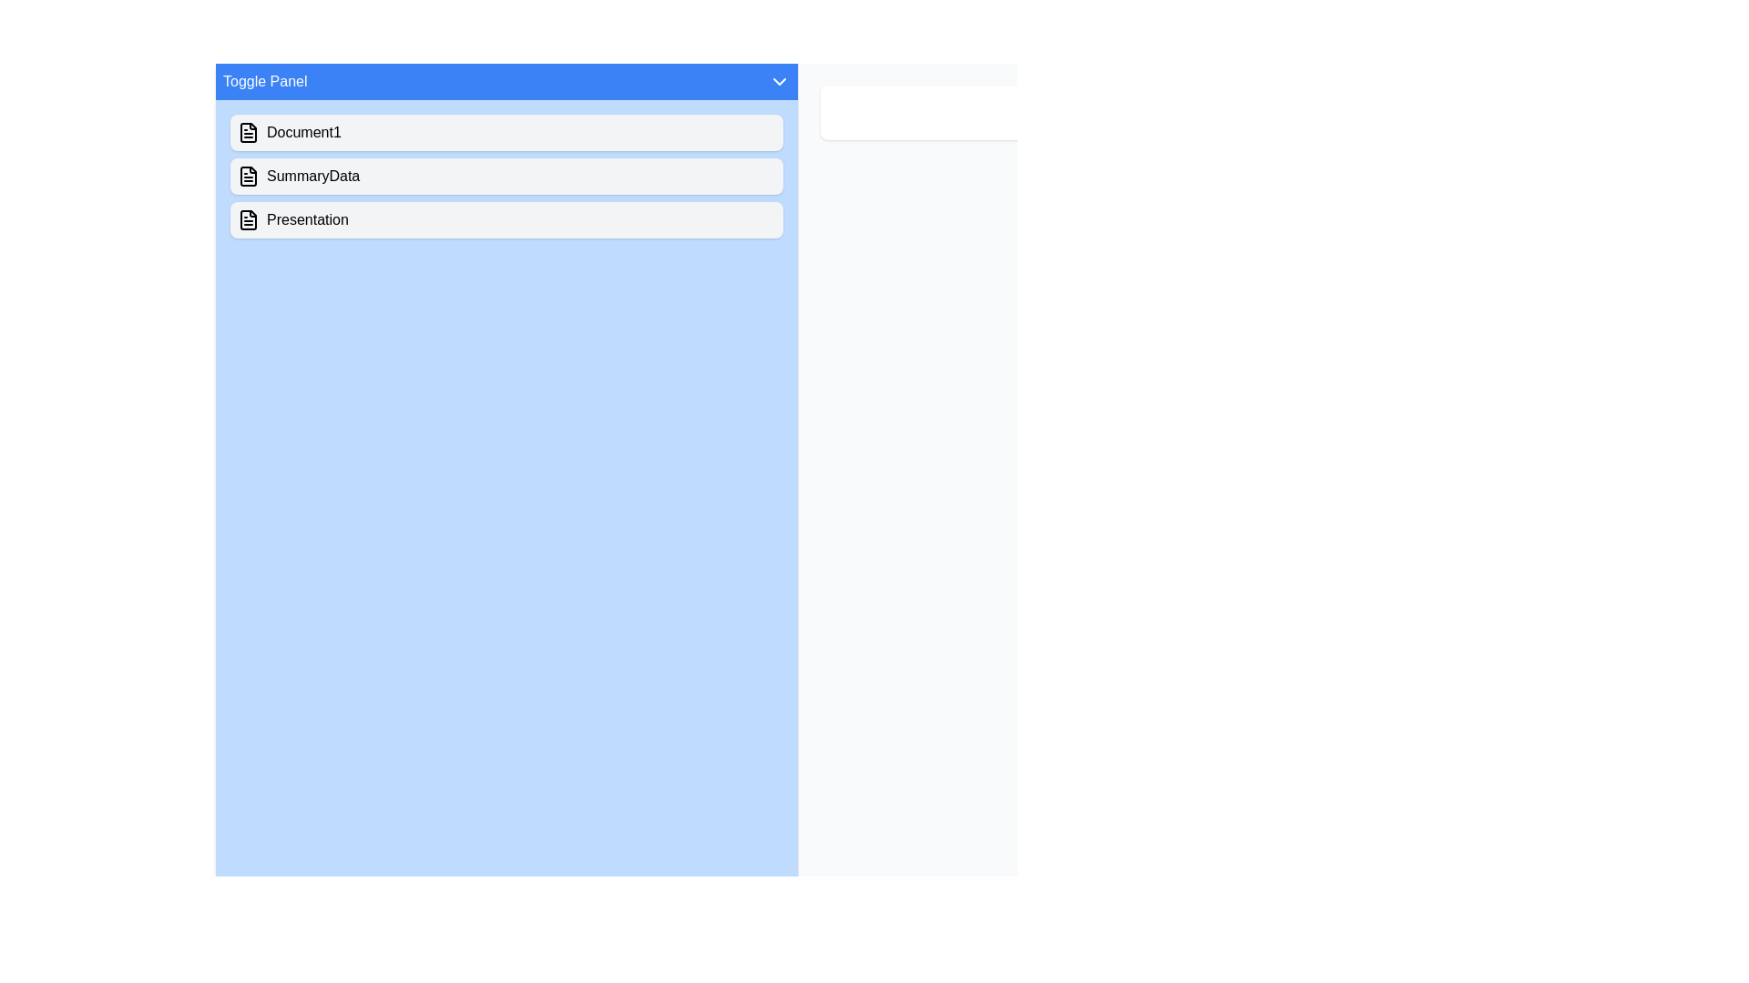 This screenshot has height=983, width=1749. What do you see at coordinates (779, 80) in the screenshot?
I see `the Chevron icon on the far-right side of the blue header bar` at bounding box center [779, 80].